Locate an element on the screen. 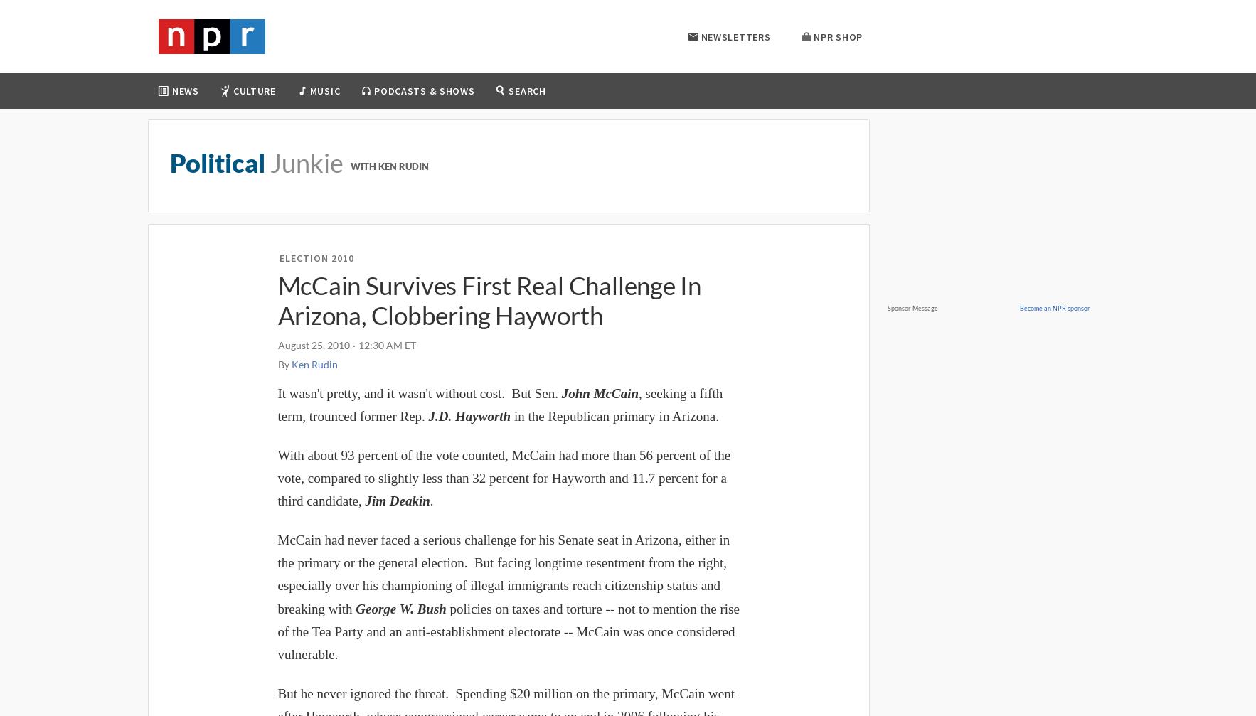 The width and height of the screenshot is (1256, 716). 'Food' is located at coordinates (251, 201).